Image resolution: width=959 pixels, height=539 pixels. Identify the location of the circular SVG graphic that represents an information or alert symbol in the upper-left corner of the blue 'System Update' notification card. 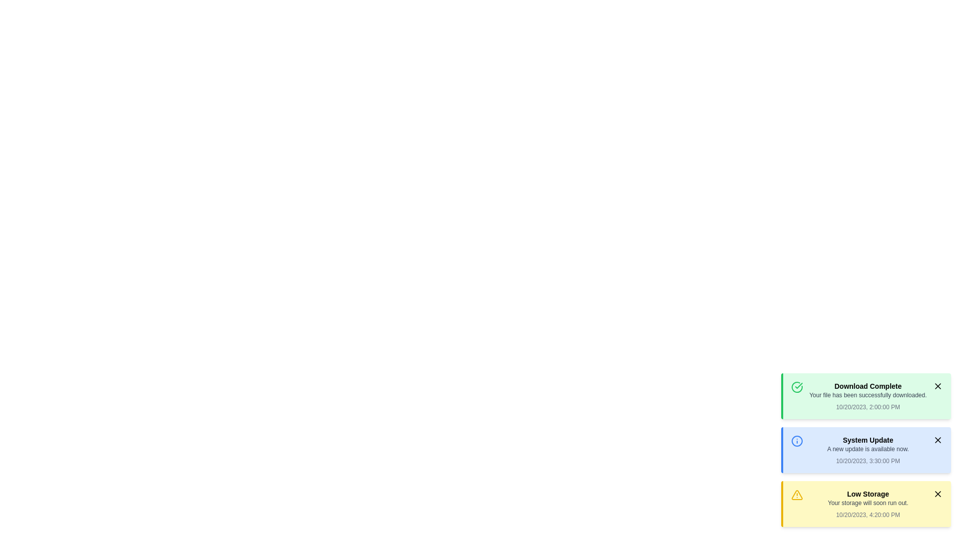
(797, 440).